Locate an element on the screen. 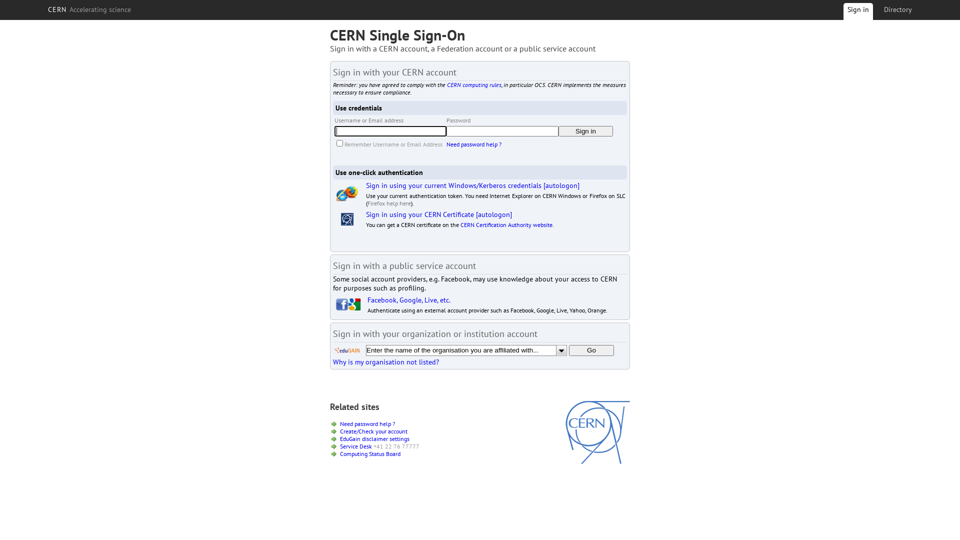  'Facebook, Google, Live, etc.' is located at coordinates (408, 299).